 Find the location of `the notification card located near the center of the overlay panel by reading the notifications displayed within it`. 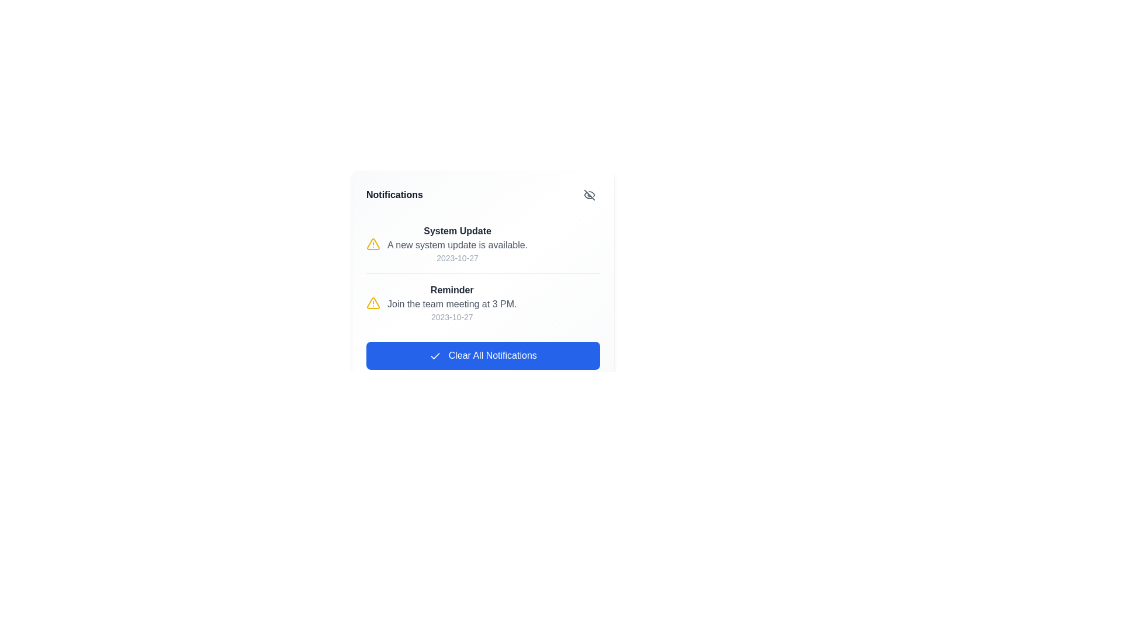

the notification card located near the center of the overlay panel by reading the notifications displayed within it is located at coordinates (483, 277).